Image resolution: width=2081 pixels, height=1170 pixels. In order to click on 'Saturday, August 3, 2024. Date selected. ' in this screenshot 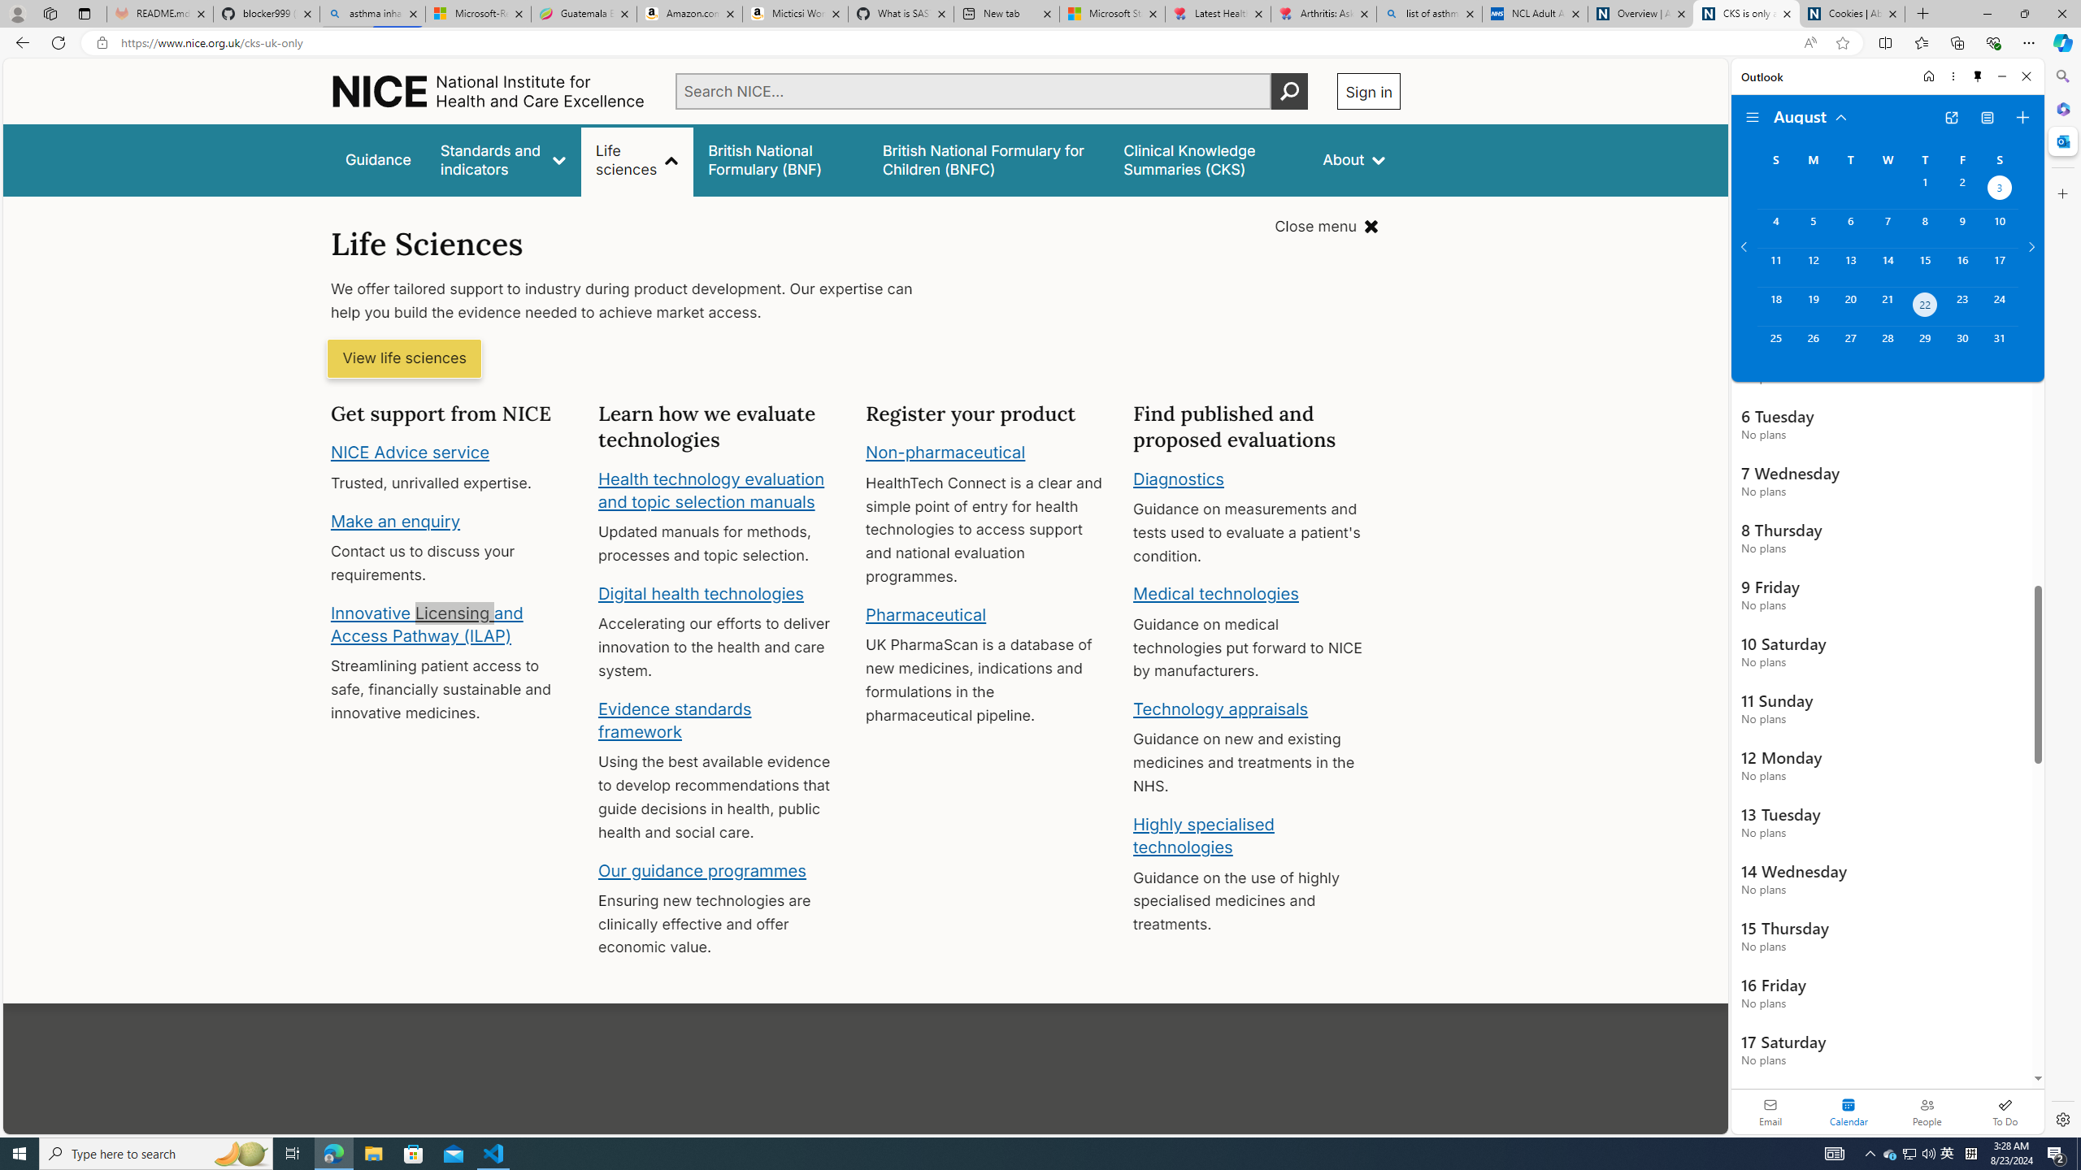, I will do `click(1999, 189)`.